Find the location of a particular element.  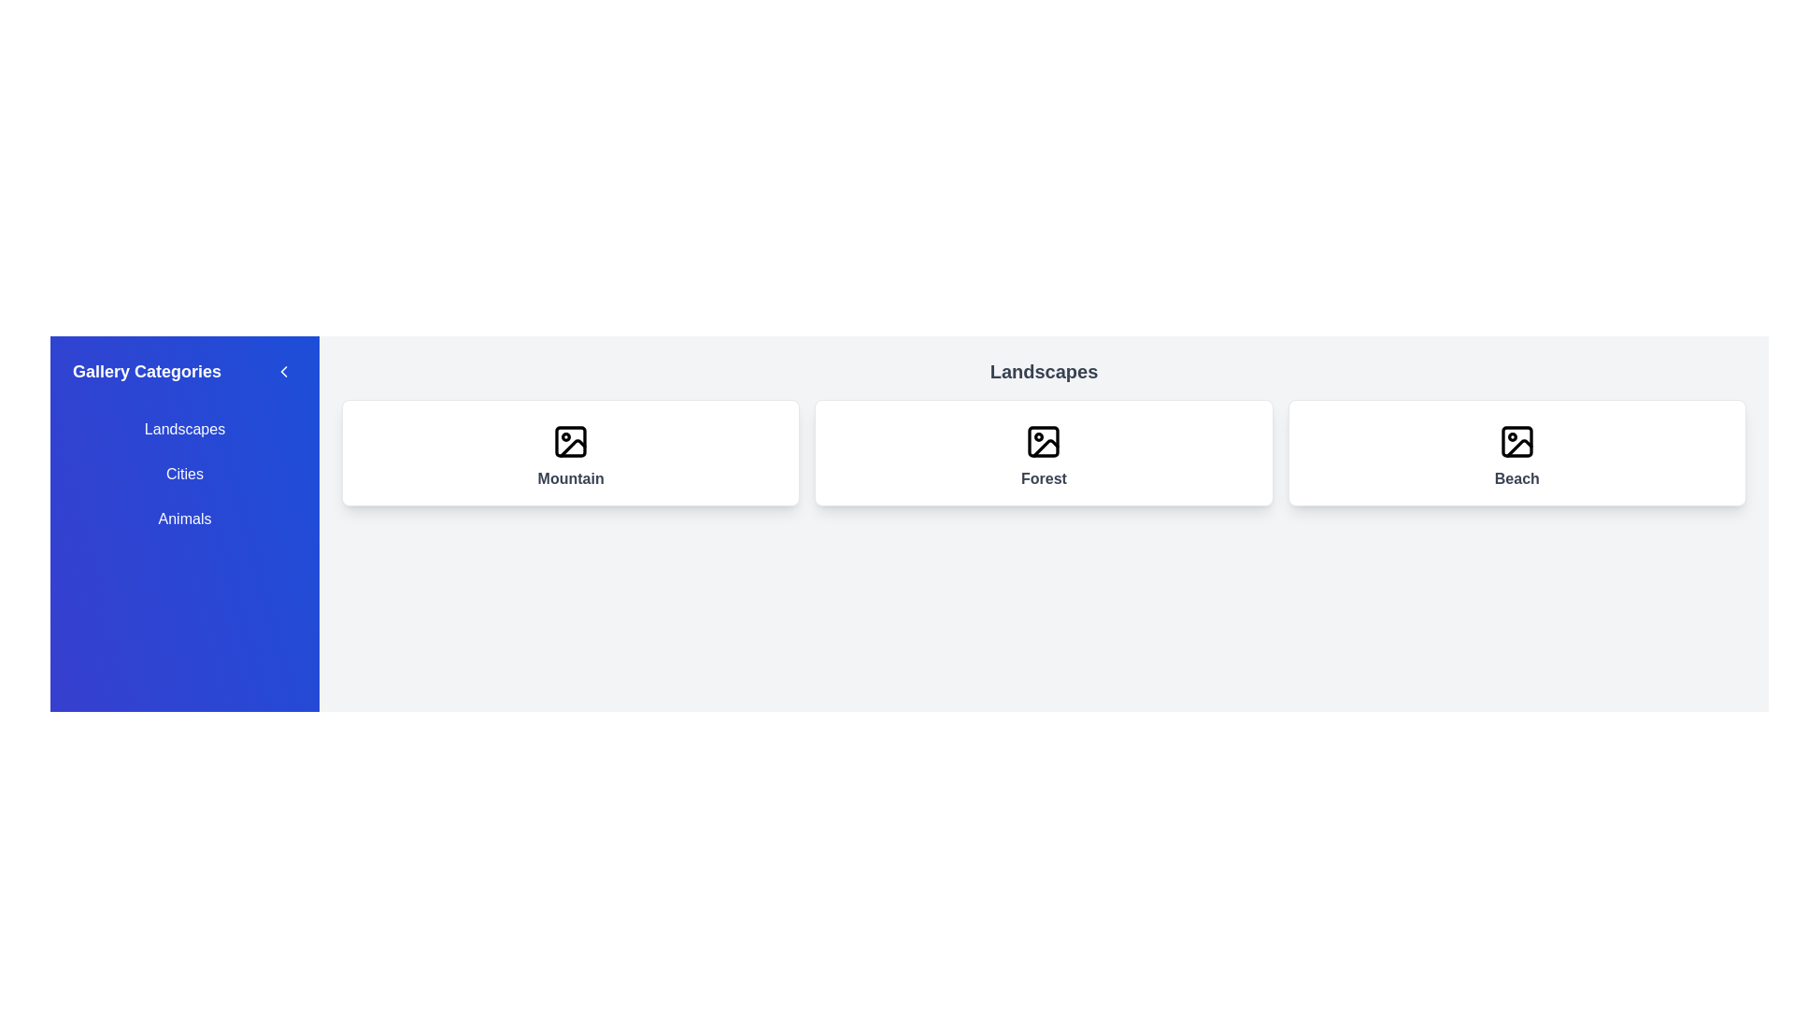

the rectangular shape element with a black border and transparent interior, which serves as the background frame of an image icon in the center card of the 'Landscapes' section is located at coordinates (1043, 442).